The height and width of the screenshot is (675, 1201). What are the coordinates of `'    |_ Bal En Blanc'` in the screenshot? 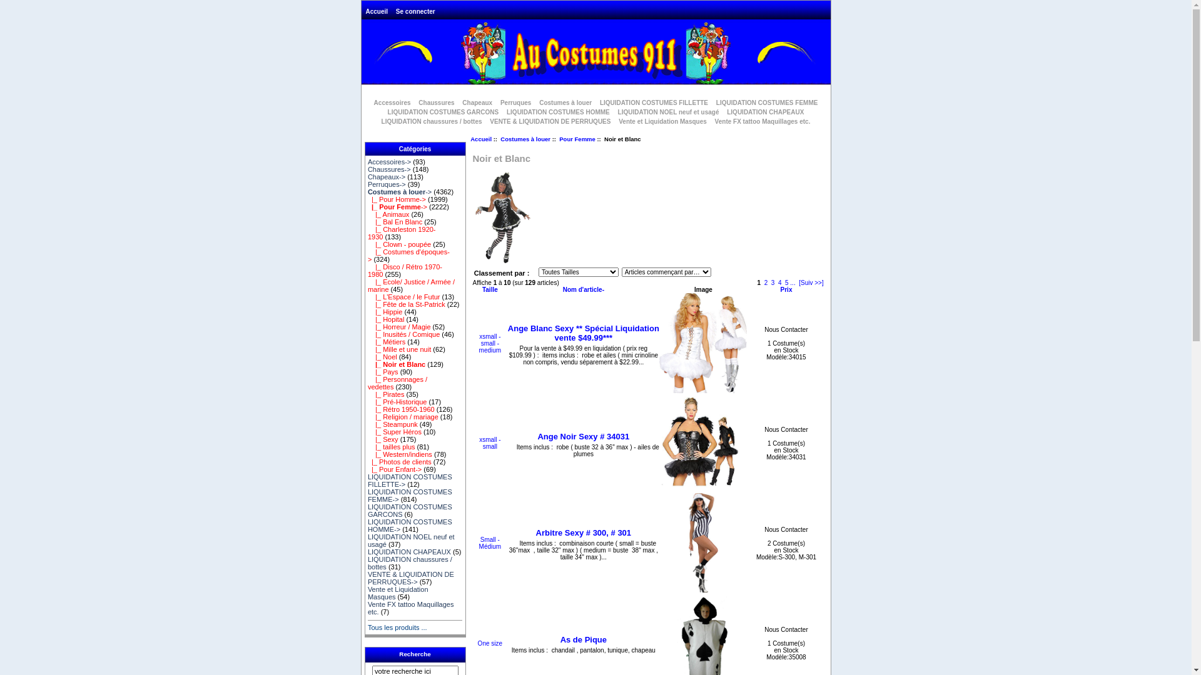 It's located at (394, 221).